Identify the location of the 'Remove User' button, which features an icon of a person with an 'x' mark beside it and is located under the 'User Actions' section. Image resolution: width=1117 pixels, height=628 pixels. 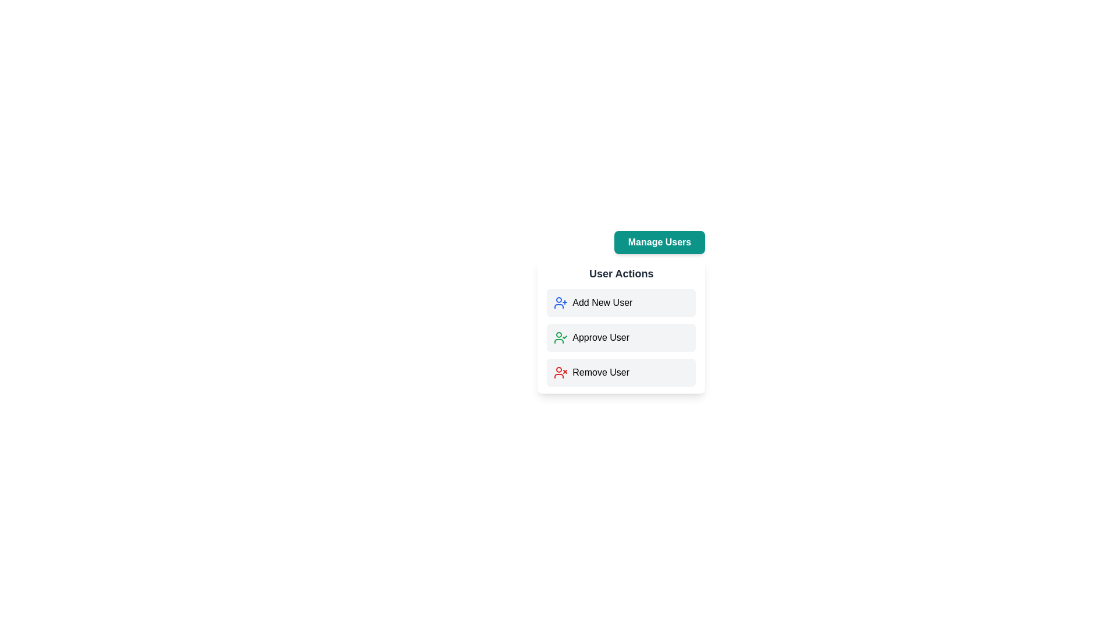
(621, 372).